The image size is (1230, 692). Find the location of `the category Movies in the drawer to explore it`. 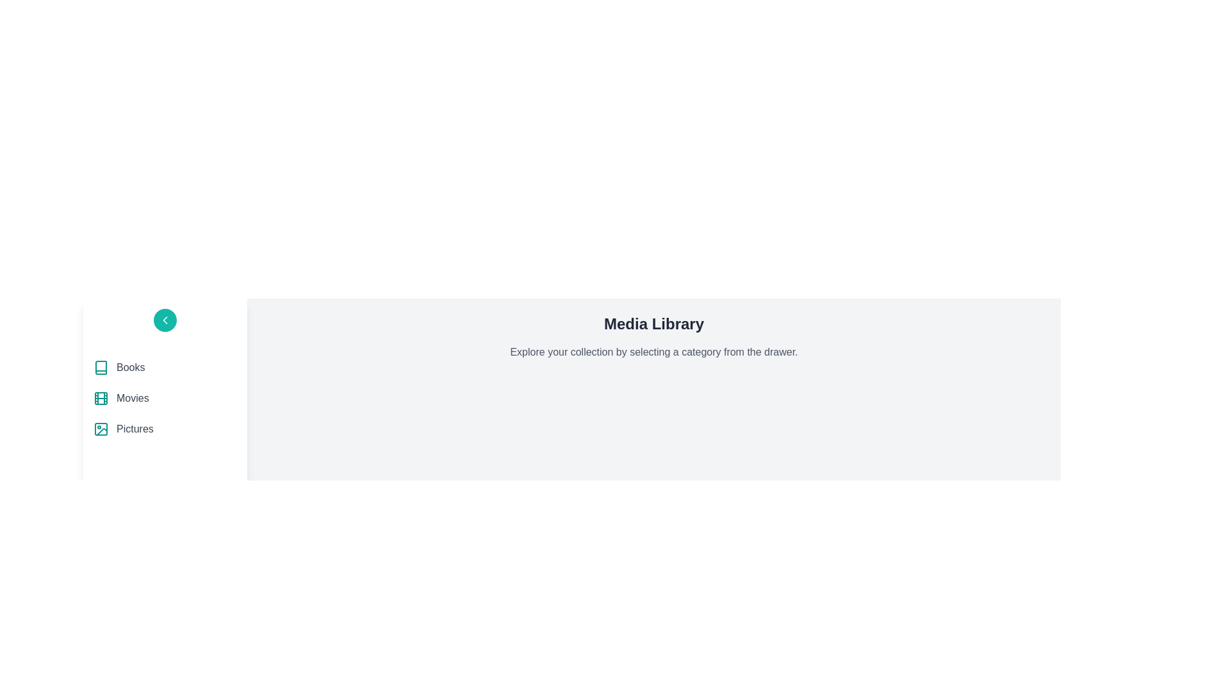

the category Movies in the drawer to explore it is located at coordinates (165, 397).